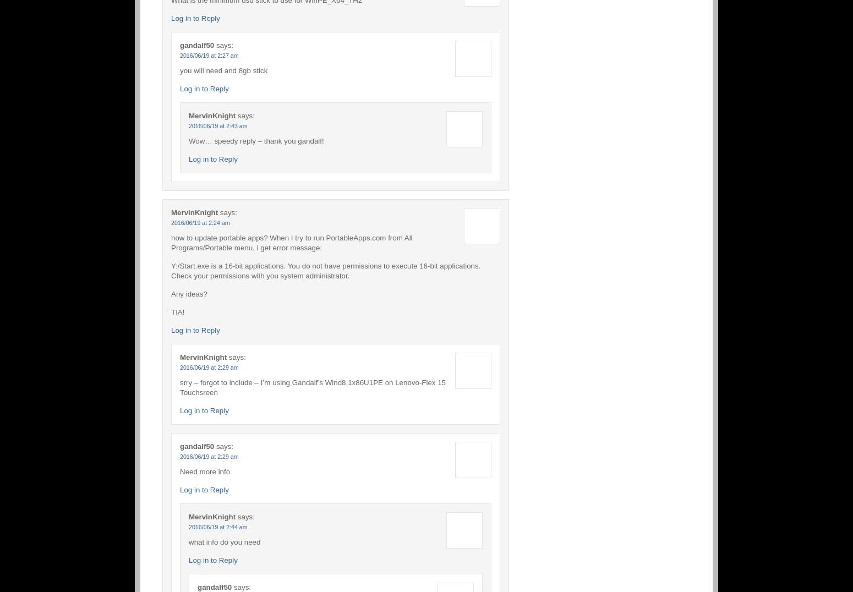 This screenshot has height=592, width=853. I want to click on '2016/06/19 at 2:44 am', so click(218, 526).